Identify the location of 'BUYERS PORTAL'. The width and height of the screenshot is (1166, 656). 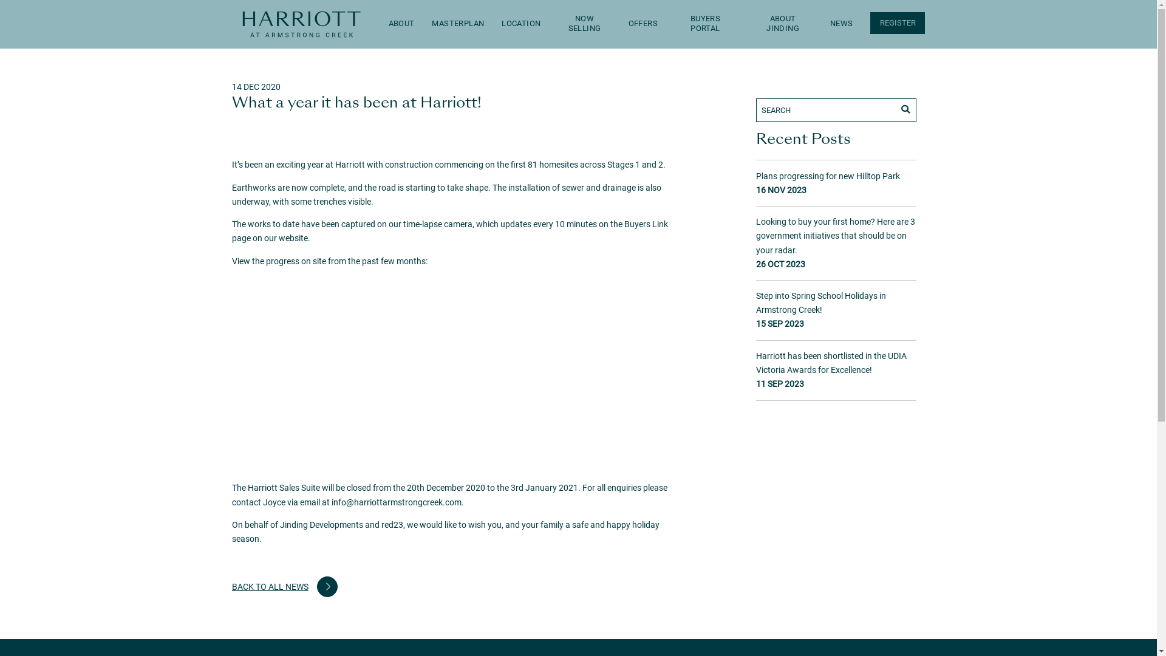
(705, 24).